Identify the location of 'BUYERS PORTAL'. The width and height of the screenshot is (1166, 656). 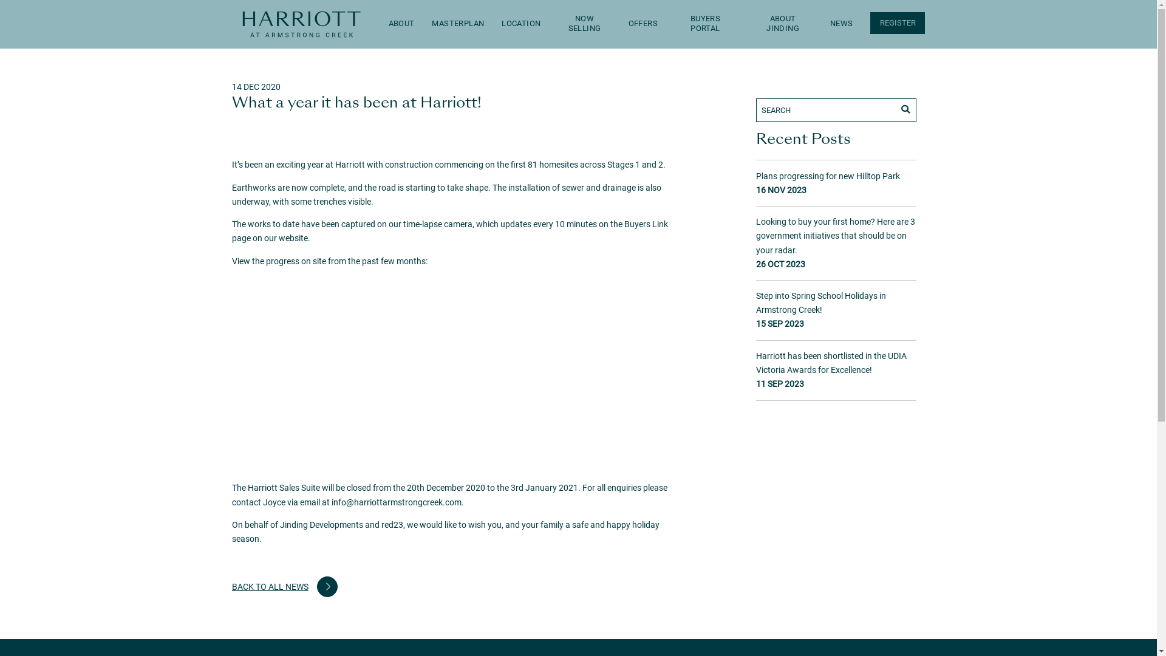
(705, 24).